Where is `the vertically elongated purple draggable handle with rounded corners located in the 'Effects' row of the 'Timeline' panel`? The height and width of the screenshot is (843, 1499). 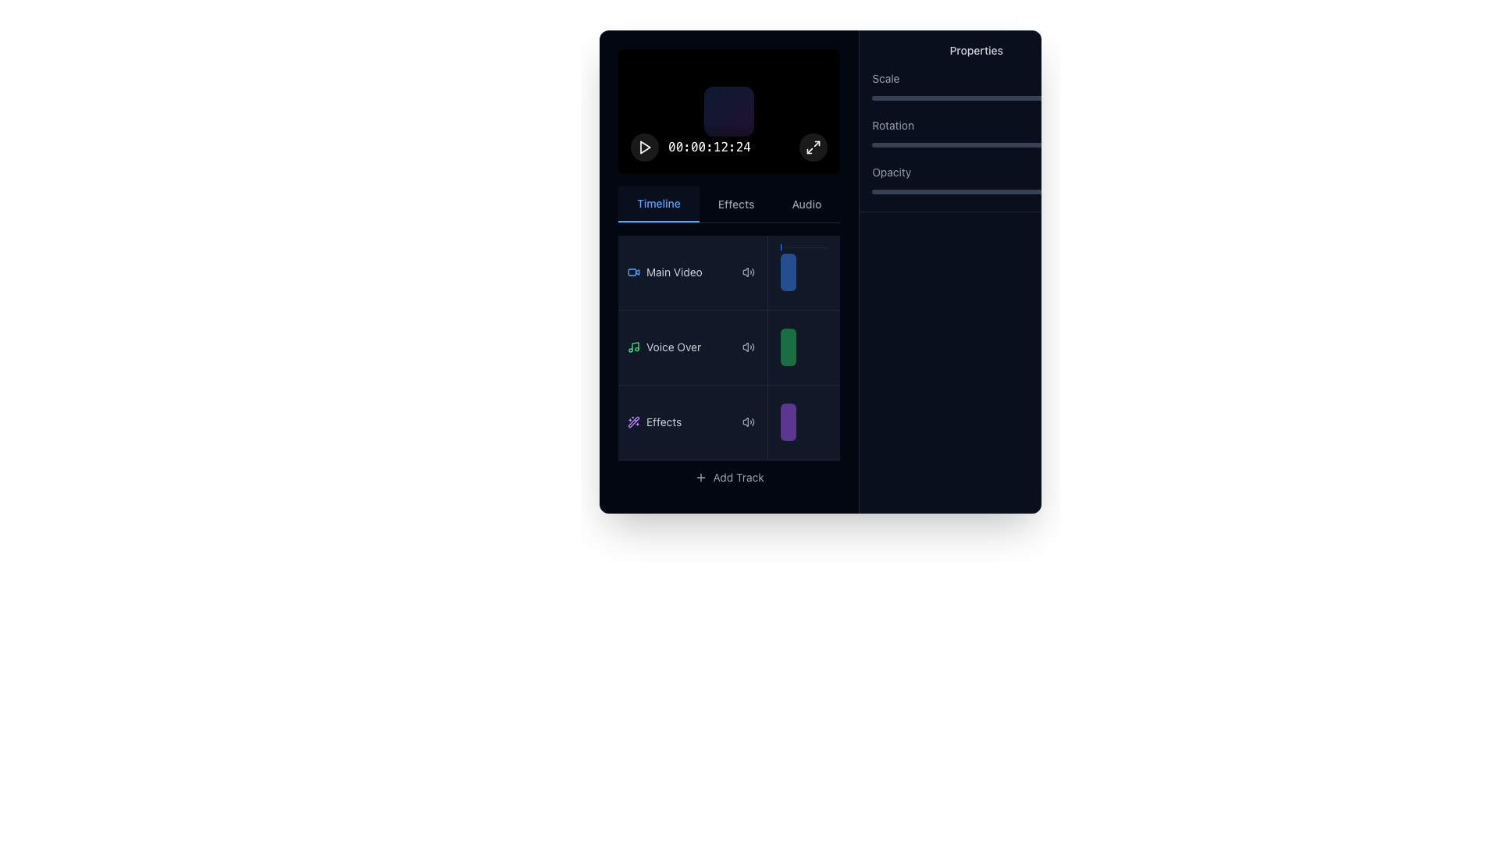 the vertically elongated purple draggable handle with rounded corners located in the 'Effects' row of the 'Timeline' panel is located at coordinates (789, 422).